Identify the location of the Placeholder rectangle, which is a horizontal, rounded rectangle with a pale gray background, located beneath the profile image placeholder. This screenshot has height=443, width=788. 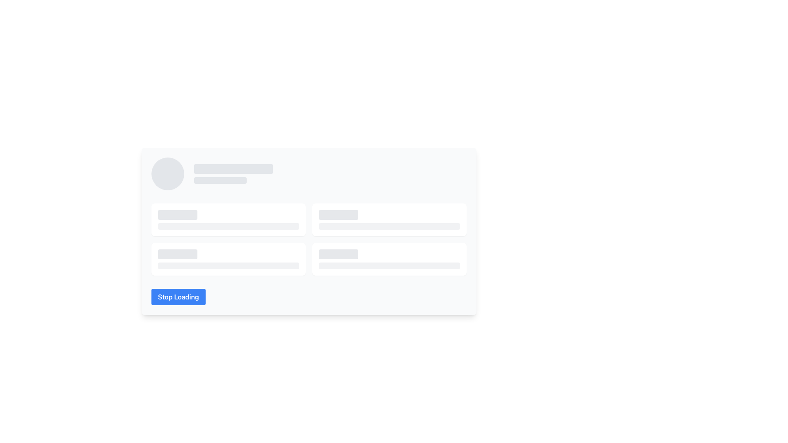
(220, 180).